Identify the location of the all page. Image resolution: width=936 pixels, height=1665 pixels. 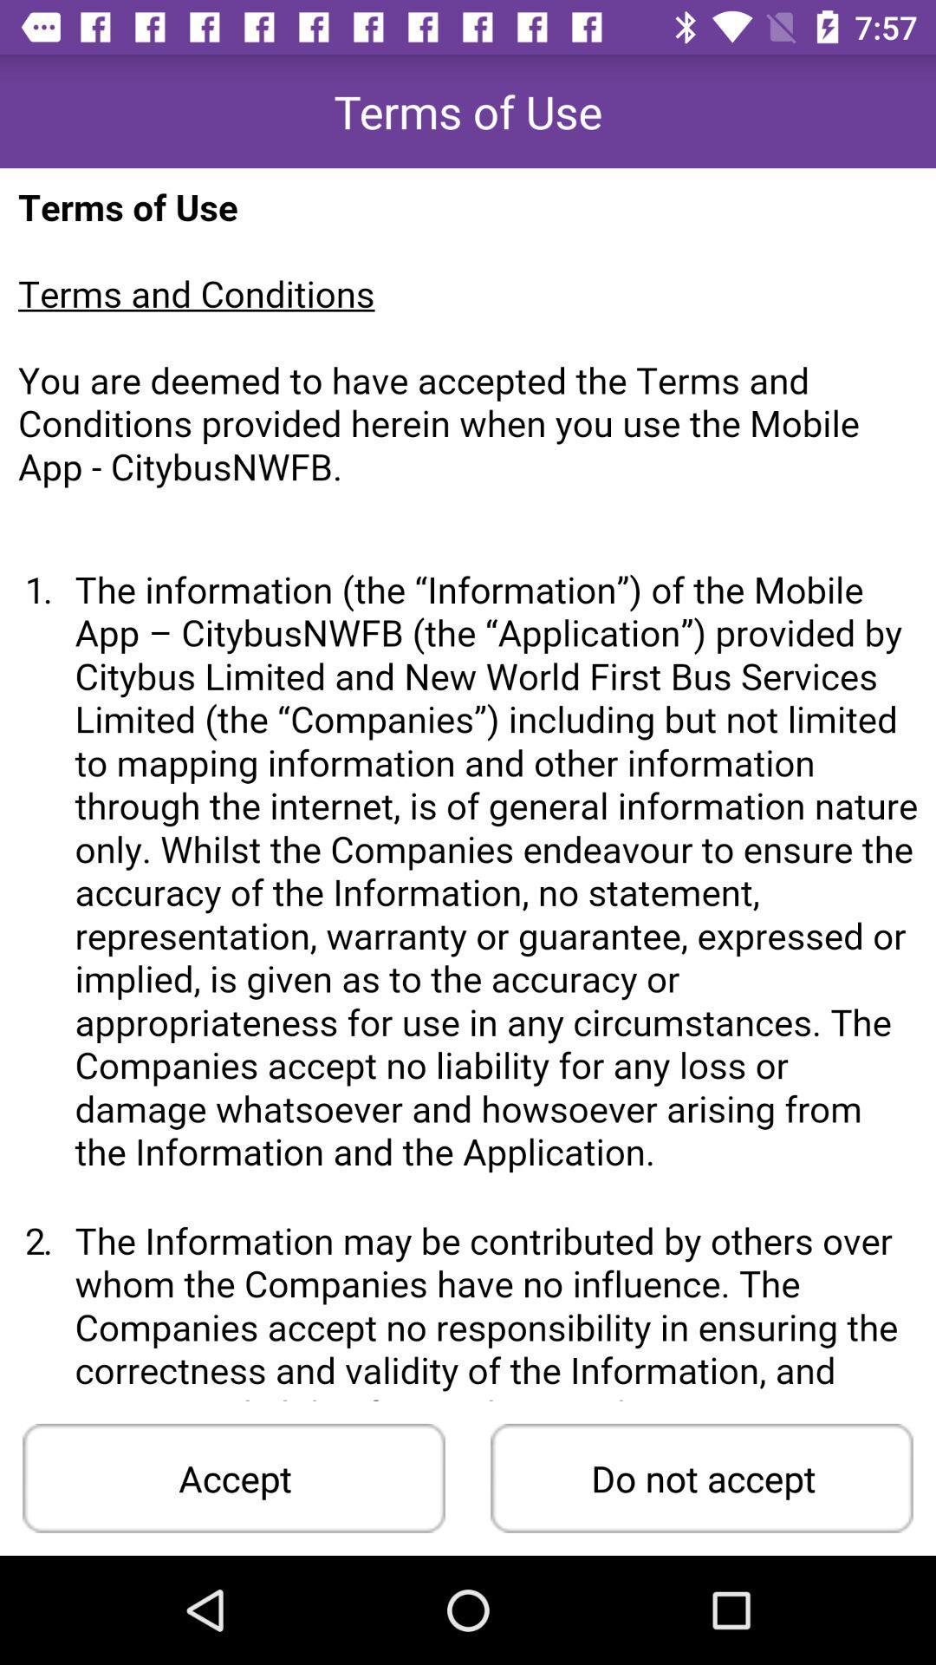
(468, 783).